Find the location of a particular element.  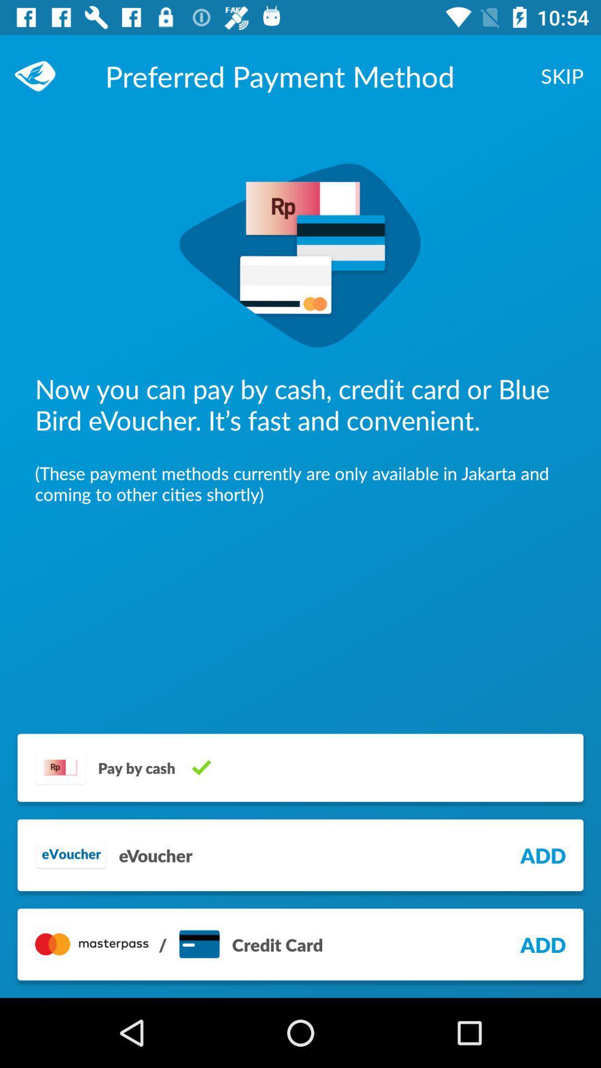

item next to preferred payment method is located at coordinates (562, 75).